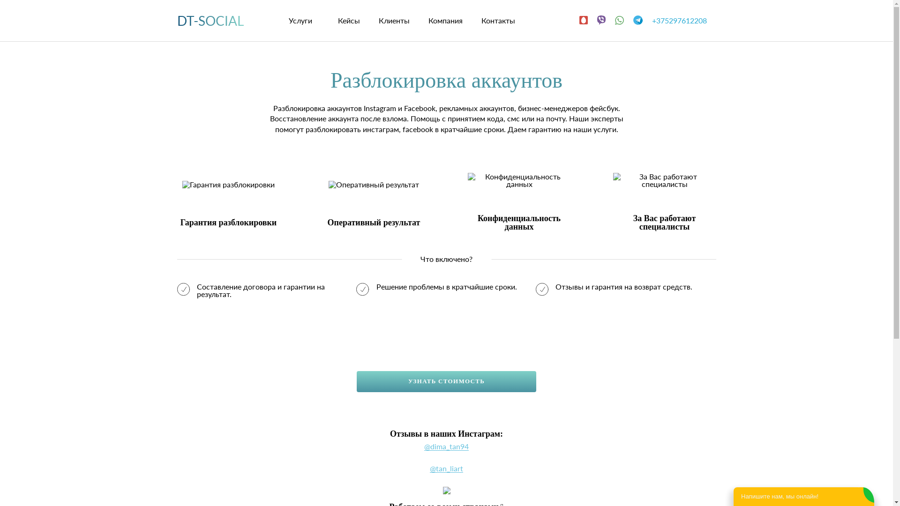 The image size is (900, 506). I want to click on '@dima_tan94', so click(446, 446).